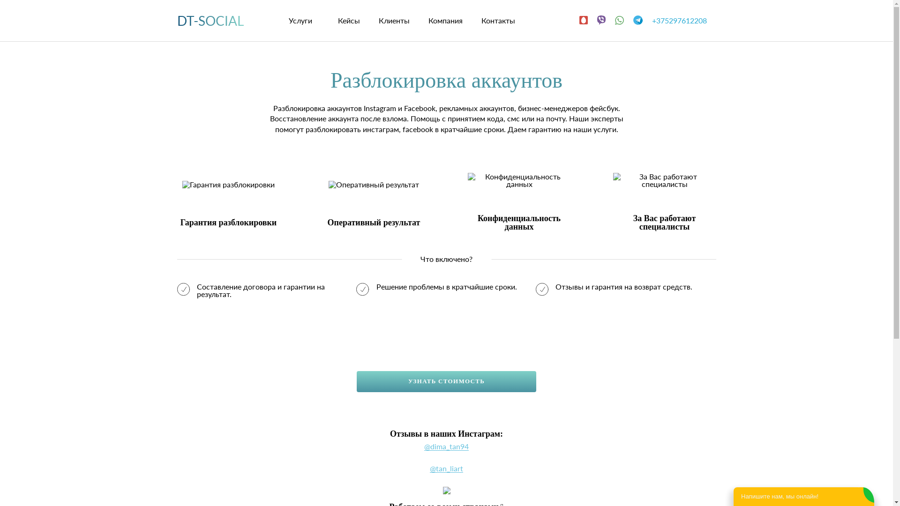 The image size is (900, 506). I want to click on '@dima_tan94', so click(446, 446).